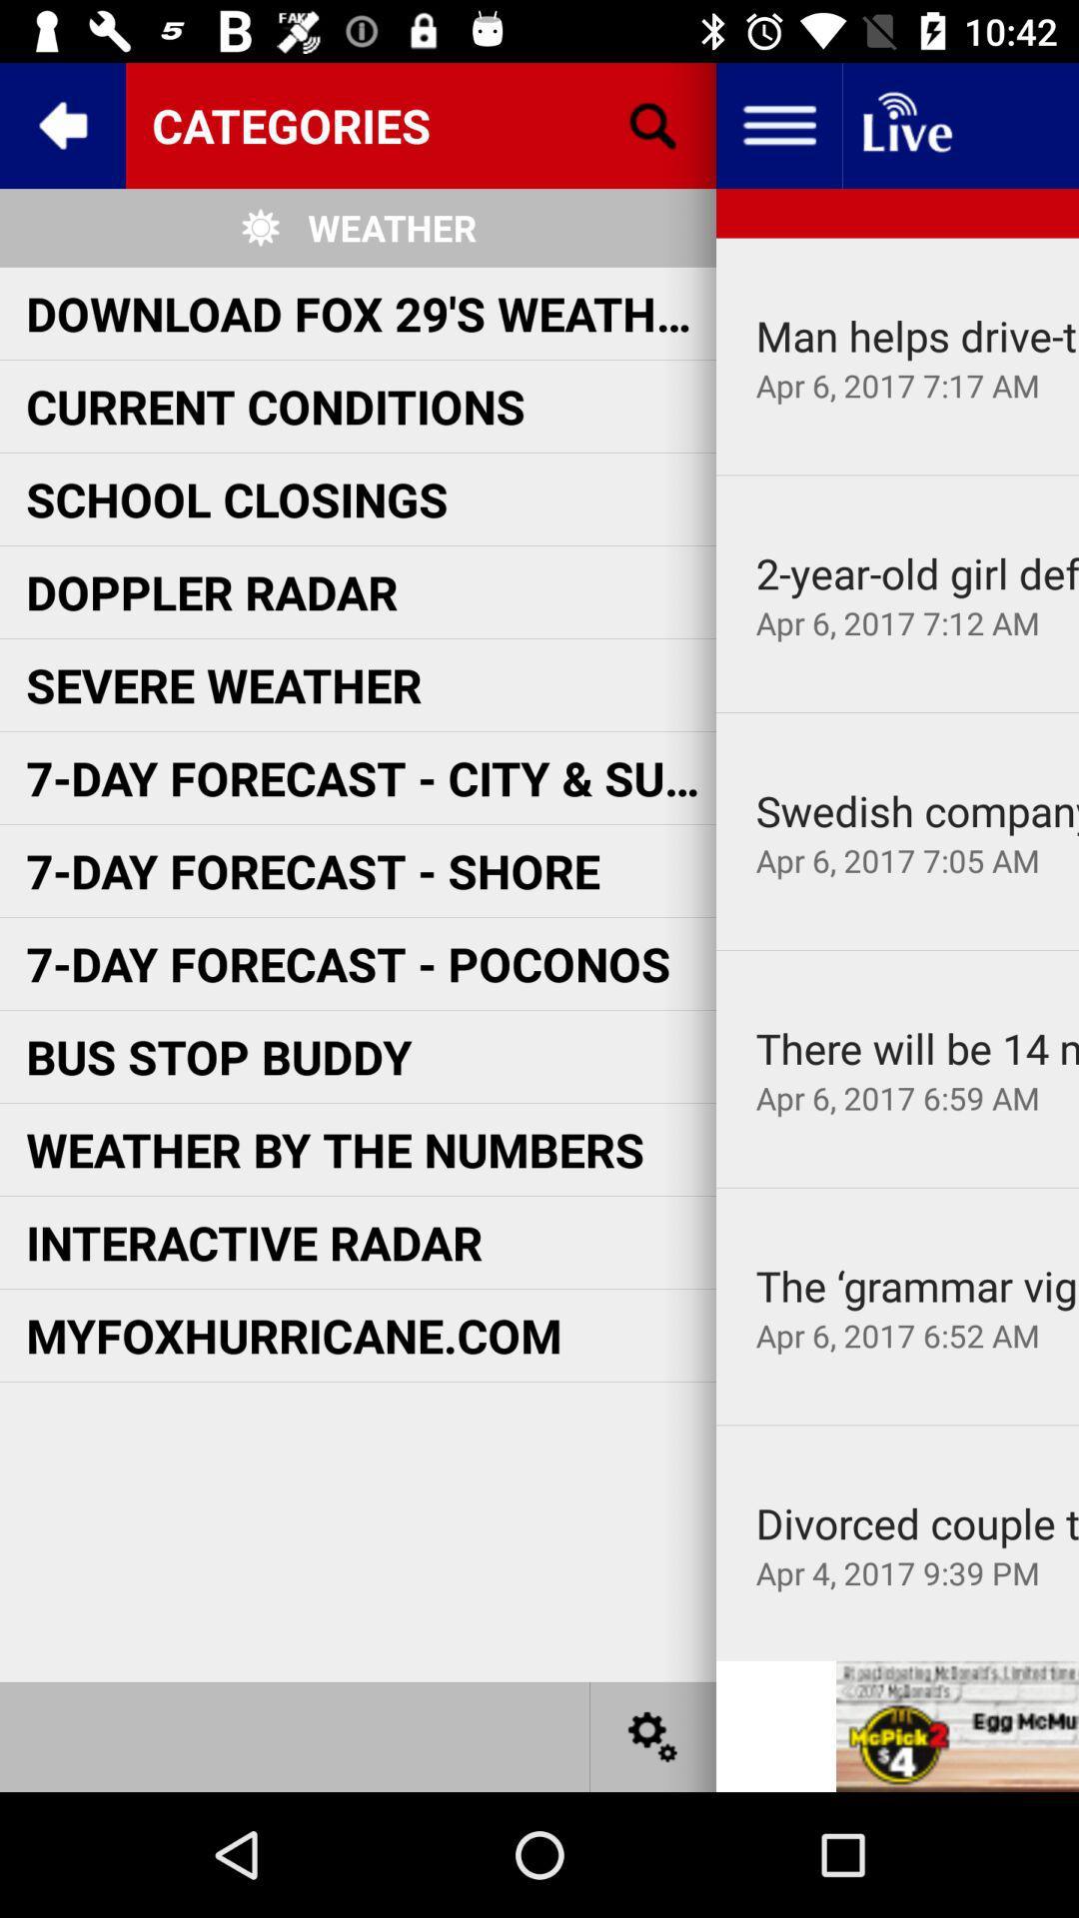 The height and width of the screenshot is (1918, 1079). Describe the element at coordinates (896, 1188) in the screenshot. I see `the item above the grammar vigilante app` at that location.